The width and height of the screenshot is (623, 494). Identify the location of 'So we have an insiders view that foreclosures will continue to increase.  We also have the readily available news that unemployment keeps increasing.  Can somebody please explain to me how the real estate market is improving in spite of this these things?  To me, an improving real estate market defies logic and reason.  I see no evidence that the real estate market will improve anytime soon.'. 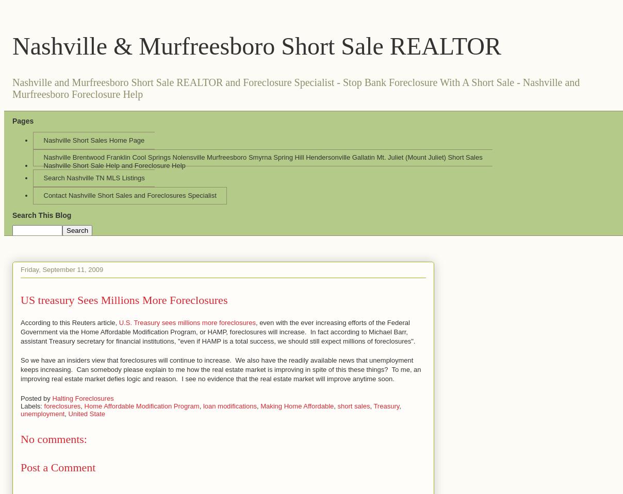
(220, 369).